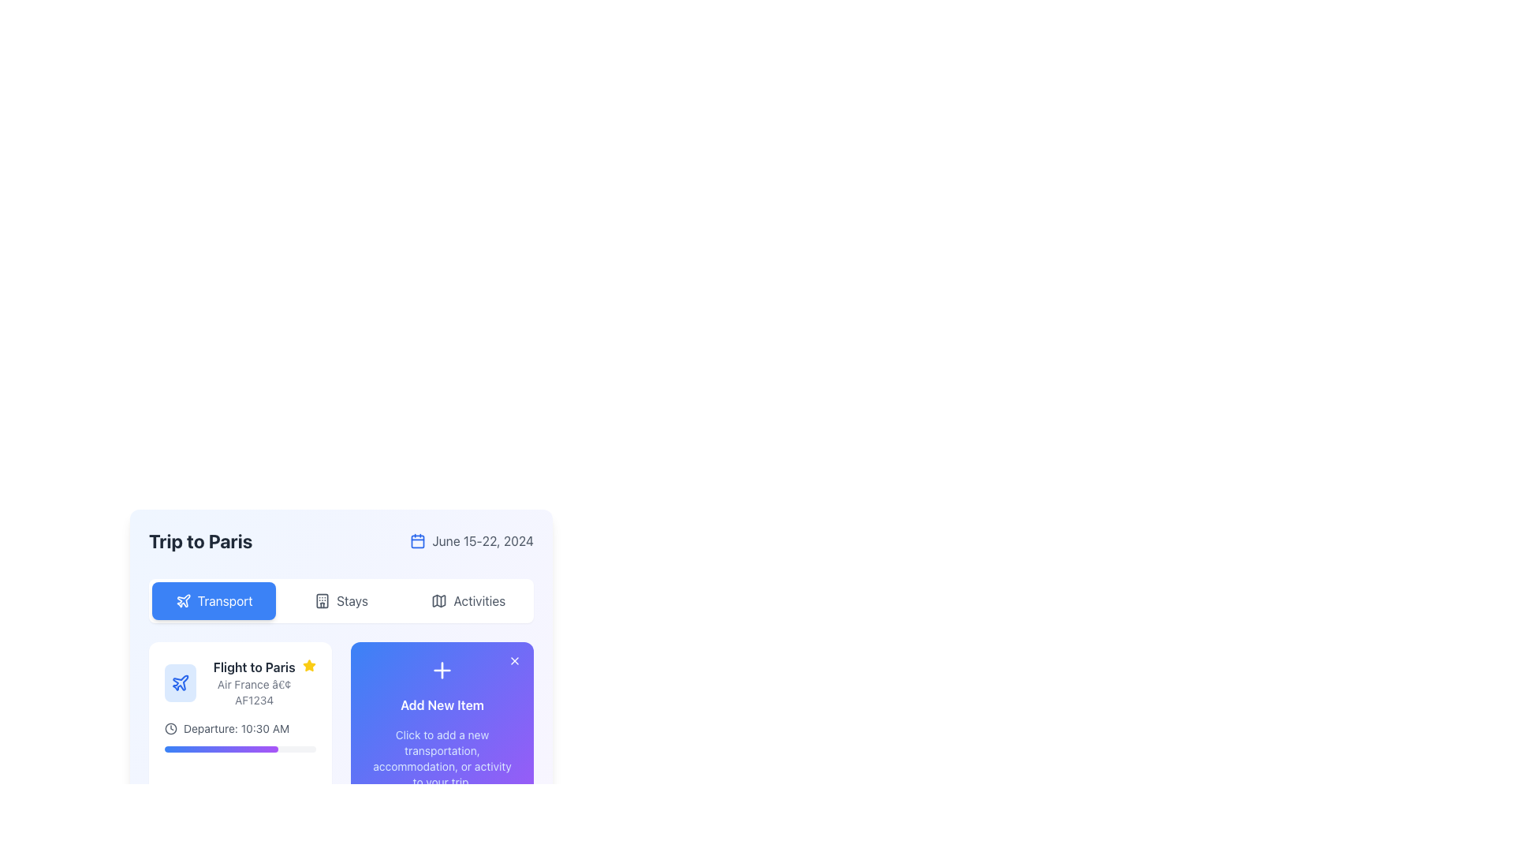 The height and width of the screenshot is (852, 1514). I want to click on text label displaying 'Flight to Paris', which is a bold dark font located at the top of the flight information section in the travel itinerary interface, so click(254, 667).